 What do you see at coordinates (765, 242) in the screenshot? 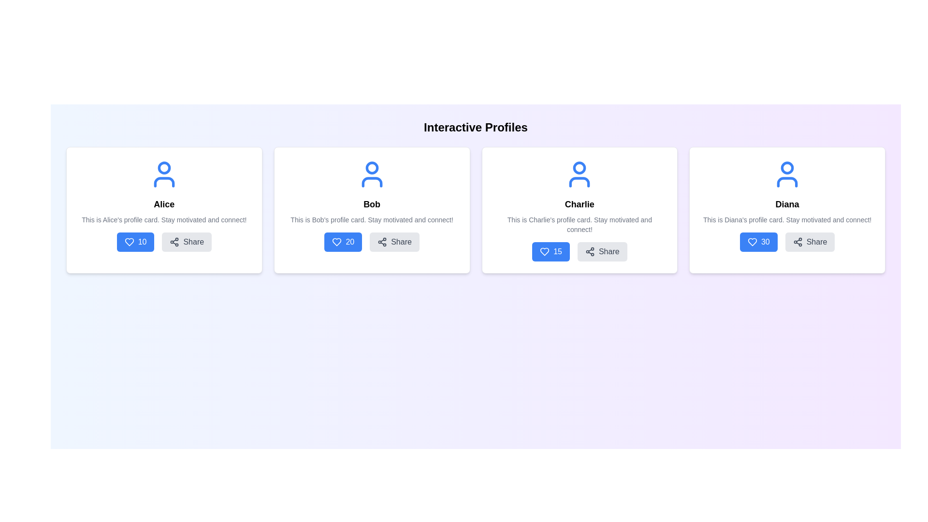
I see `the text label displaying the number '30' within the blue button on the fourth profile card labeled 'Diana', located to the right of the heart icon` at bounding box center [765, 242].